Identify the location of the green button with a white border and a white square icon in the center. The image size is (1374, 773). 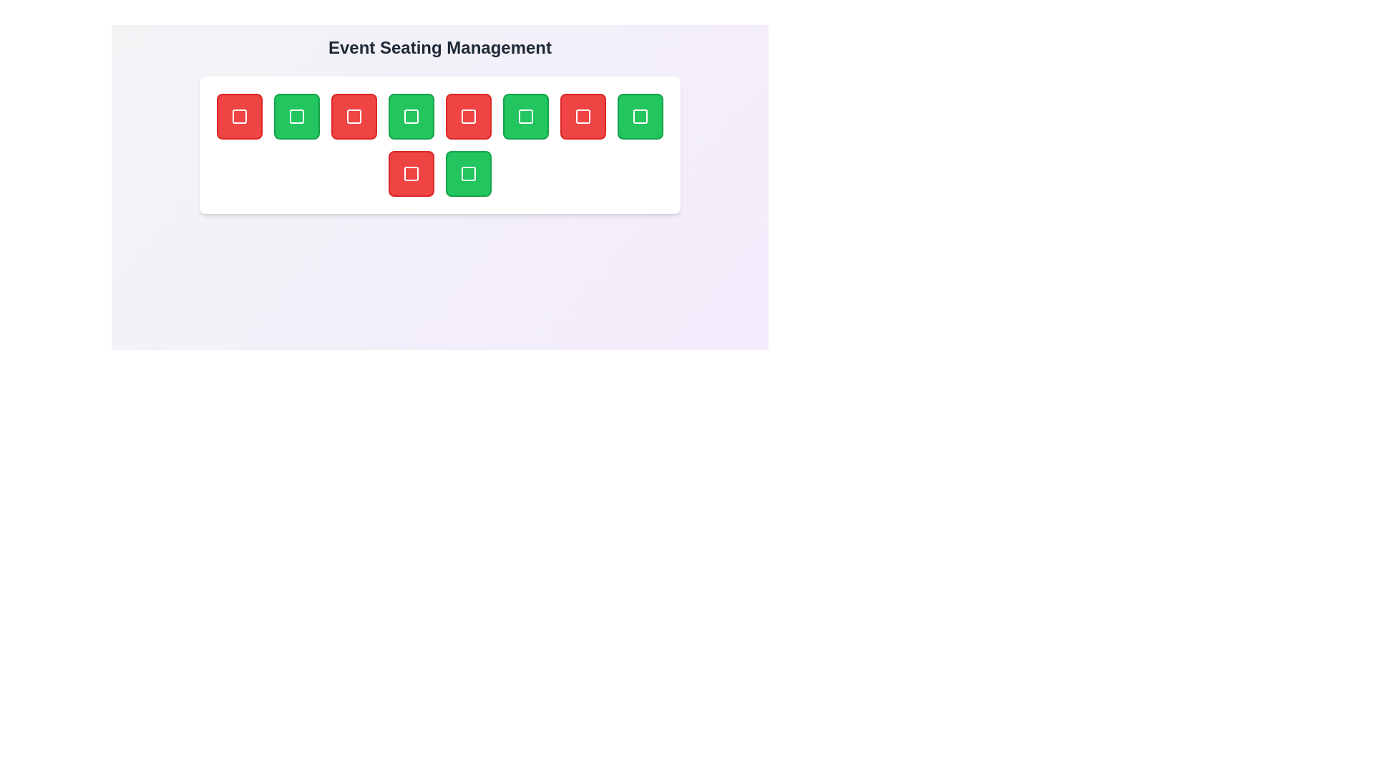
(639, 115).